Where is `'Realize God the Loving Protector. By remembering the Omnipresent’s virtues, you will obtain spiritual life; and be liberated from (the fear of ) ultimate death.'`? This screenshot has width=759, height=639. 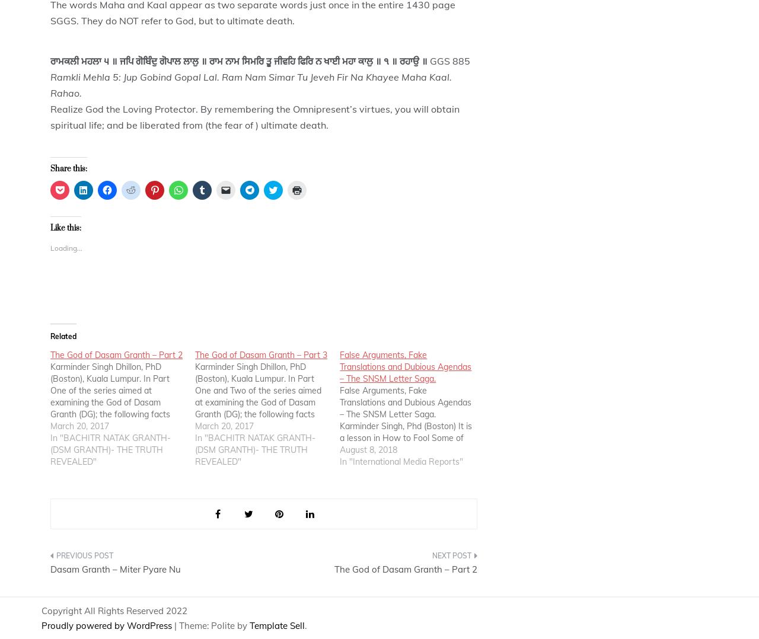
'Realize God the Loving Protector. By remembering the Omnipresent’s virtues, you will obtain spiritual life; and be liberated from (the fear of ) ultimate death.' is located at coordinates (254, 117).